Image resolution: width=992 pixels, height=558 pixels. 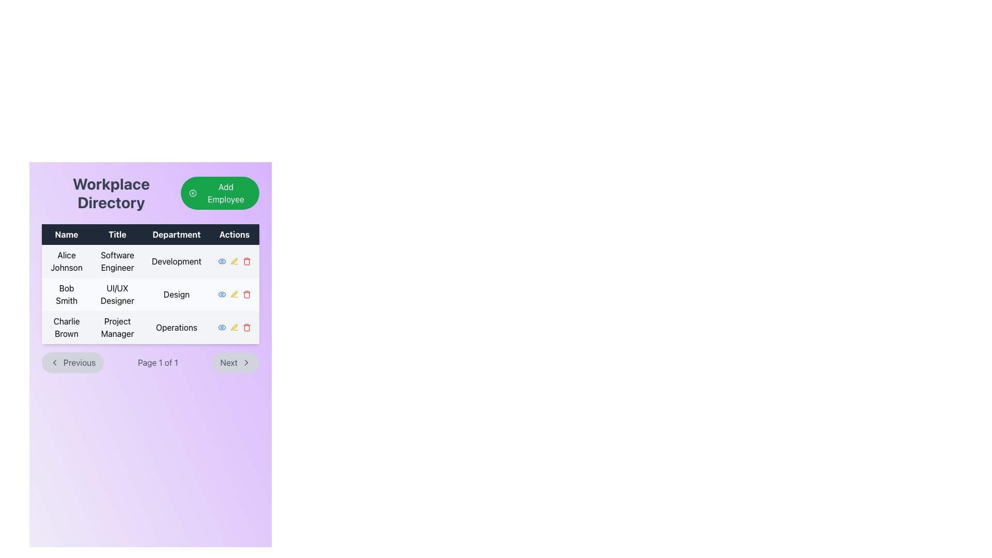 I want to click on the text label displaying the department name for 'Bob Smith' in the workplace directory table, located in the third column labeled 'Department', so click(x=176, y=295).